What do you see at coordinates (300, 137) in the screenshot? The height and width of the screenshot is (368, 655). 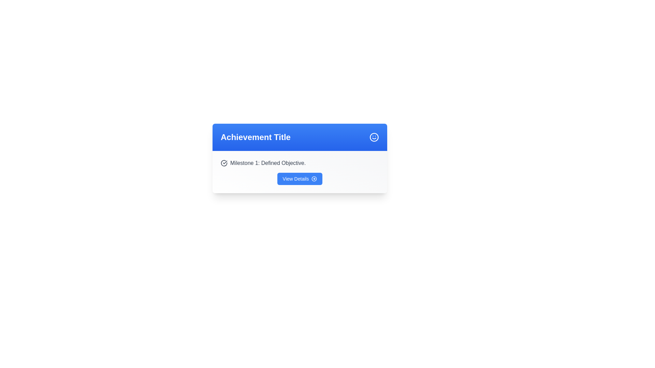 I see `the icon embedded in the header that displays a title or heading for an achievement, providing context for the associated content` at bounding box center [300, 137].